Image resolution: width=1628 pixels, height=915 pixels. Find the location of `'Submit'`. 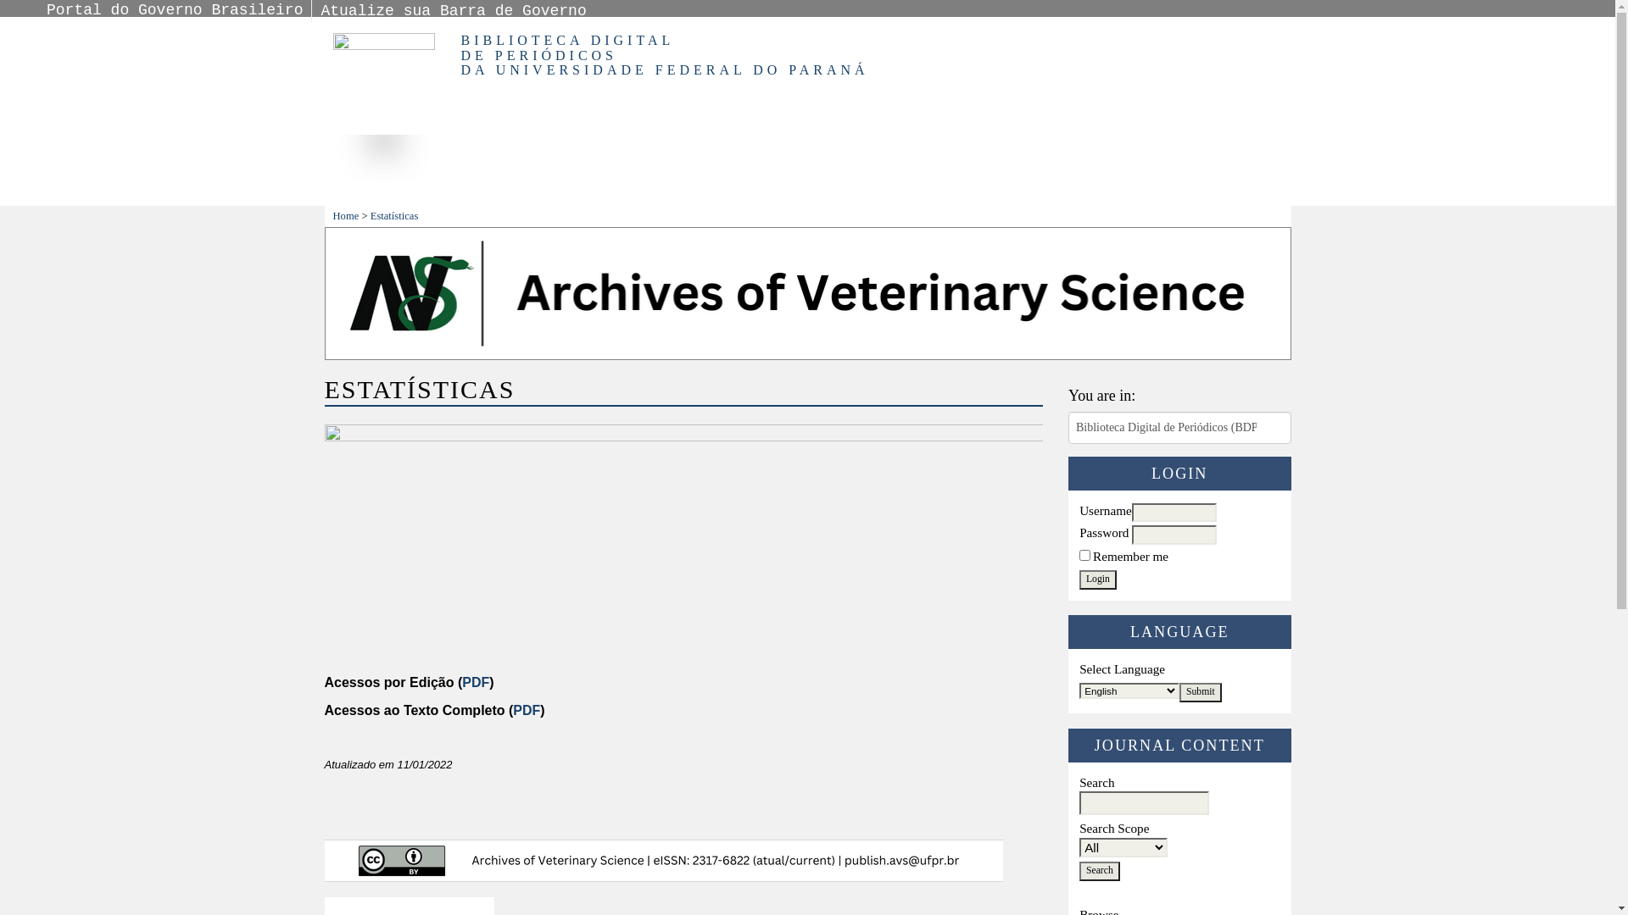

'Submit' is located at coordinates (1179, 692).